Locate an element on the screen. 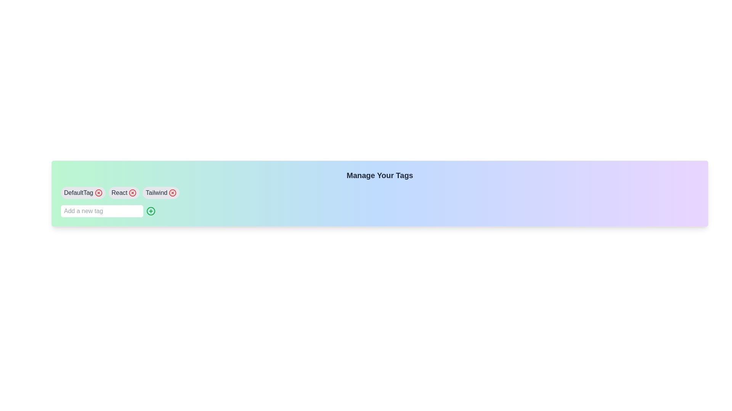  the circular decorative shape with a thin red border, centrally located within the 'X' icon used for removal in the 'Tailwind' tag is located at coordinates (172, 192).